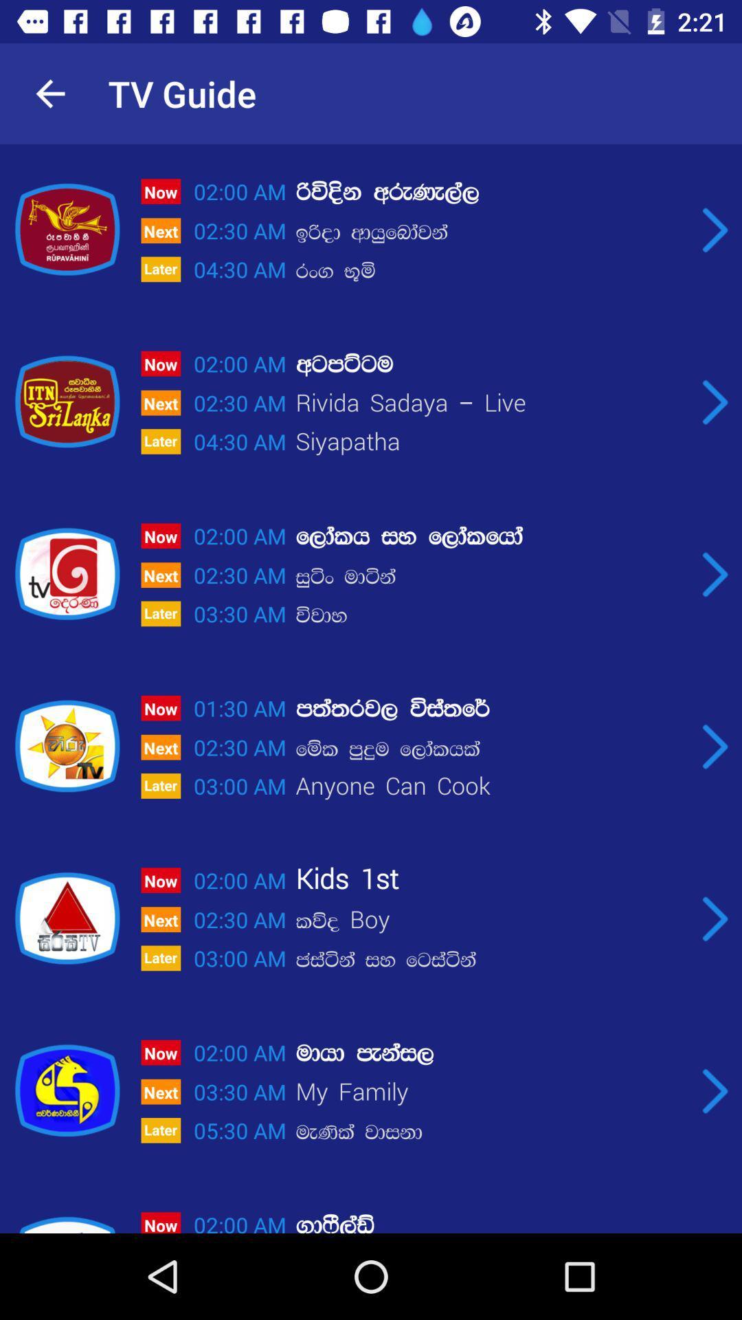  I want to click on icon to the right of 02:00 am item, so click(491, 364).